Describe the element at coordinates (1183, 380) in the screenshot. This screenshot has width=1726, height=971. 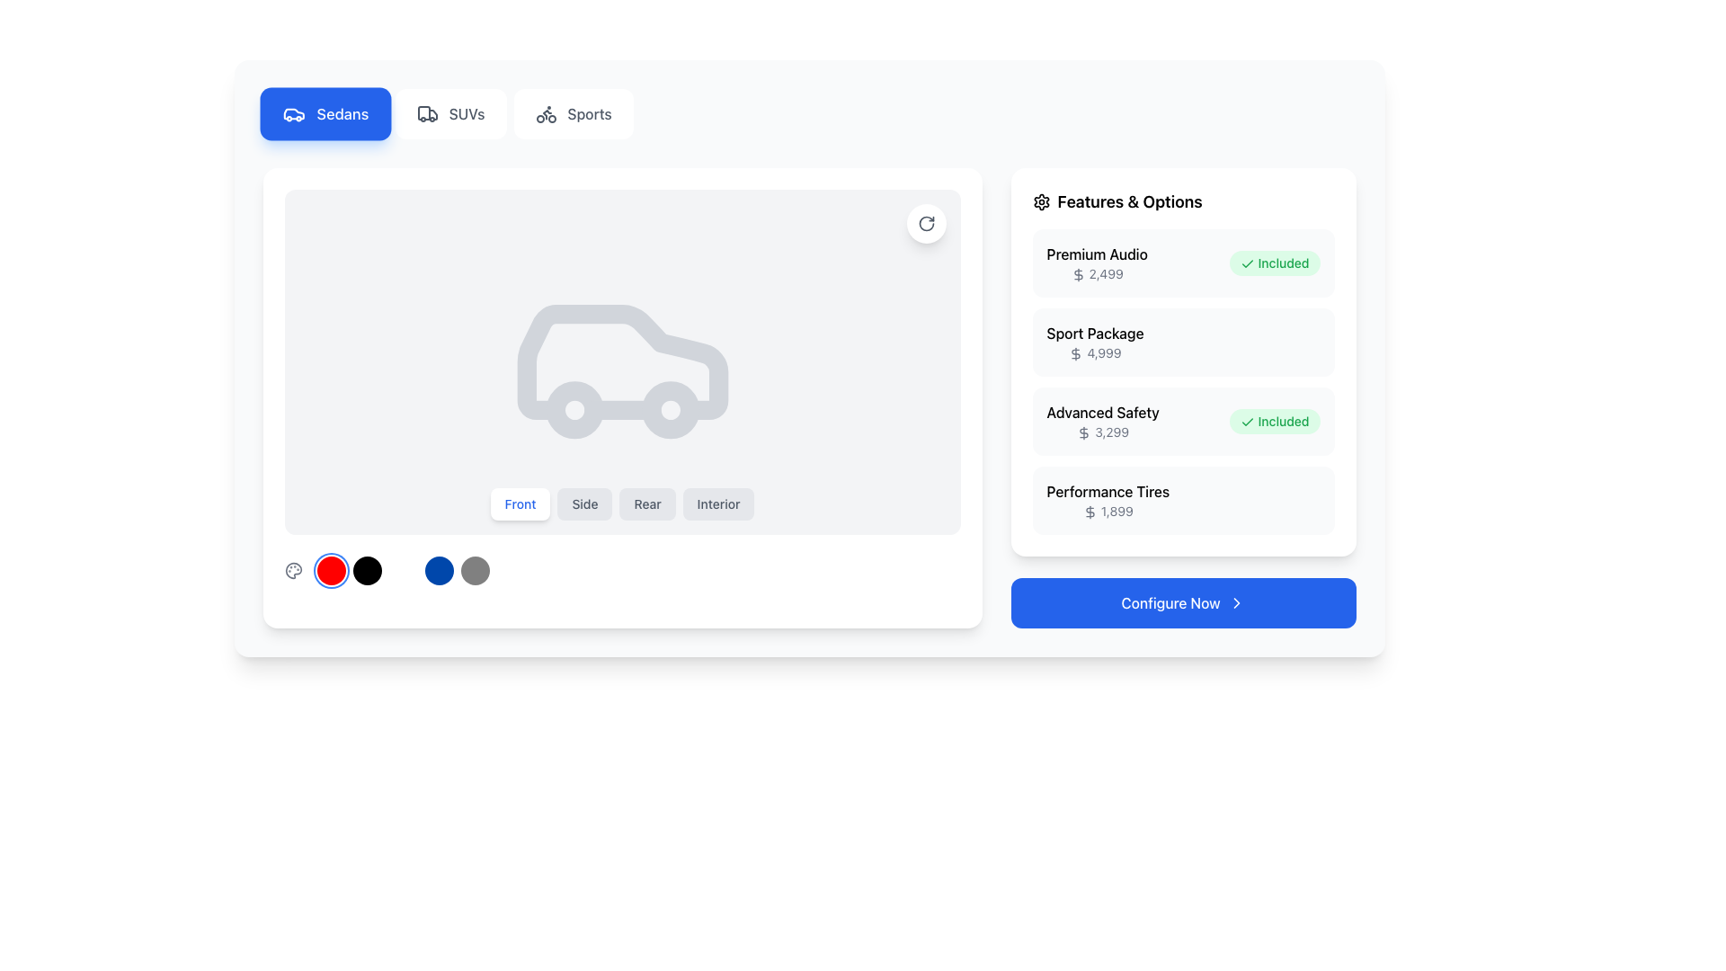
I see `the 'Advanced Safety' feature row in the 'Features & Options' section` at that location.